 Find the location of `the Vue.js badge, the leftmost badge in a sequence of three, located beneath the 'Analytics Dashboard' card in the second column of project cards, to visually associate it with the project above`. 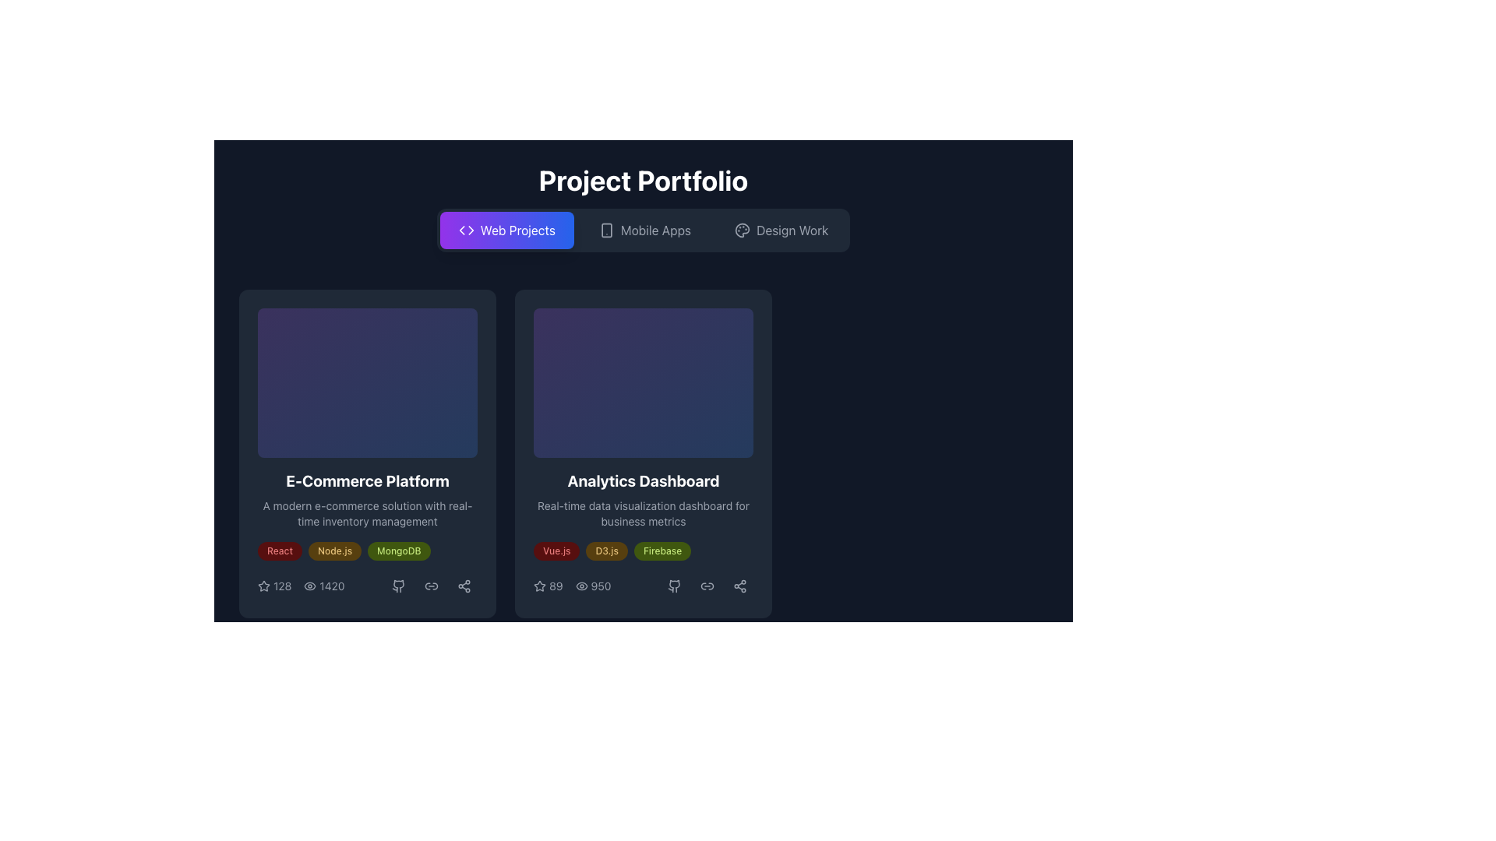

the Vue.js badge, the leftmost badge in a sequence of three, located beneath the 'Analytics Dashboard' card in the second column of project cards, to visually associate it with the project above is located at coordinates (556, 551).